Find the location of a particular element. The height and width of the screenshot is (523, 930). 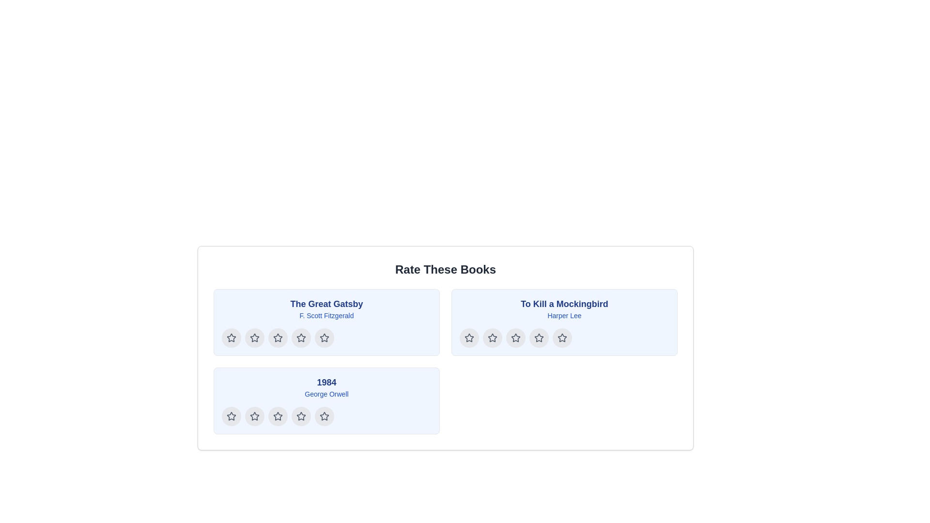

the fourth star icon within the gray circular area under 'The Great Gatsby' to rate the book is located at coordinates (325, 338).